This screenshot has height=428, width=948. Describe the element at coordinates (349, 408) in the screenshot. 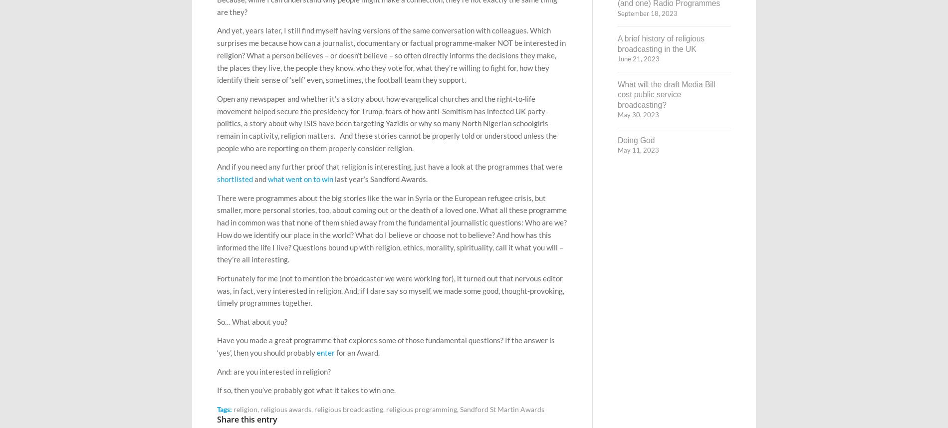

I see `'religious broadcasting'` at that location.